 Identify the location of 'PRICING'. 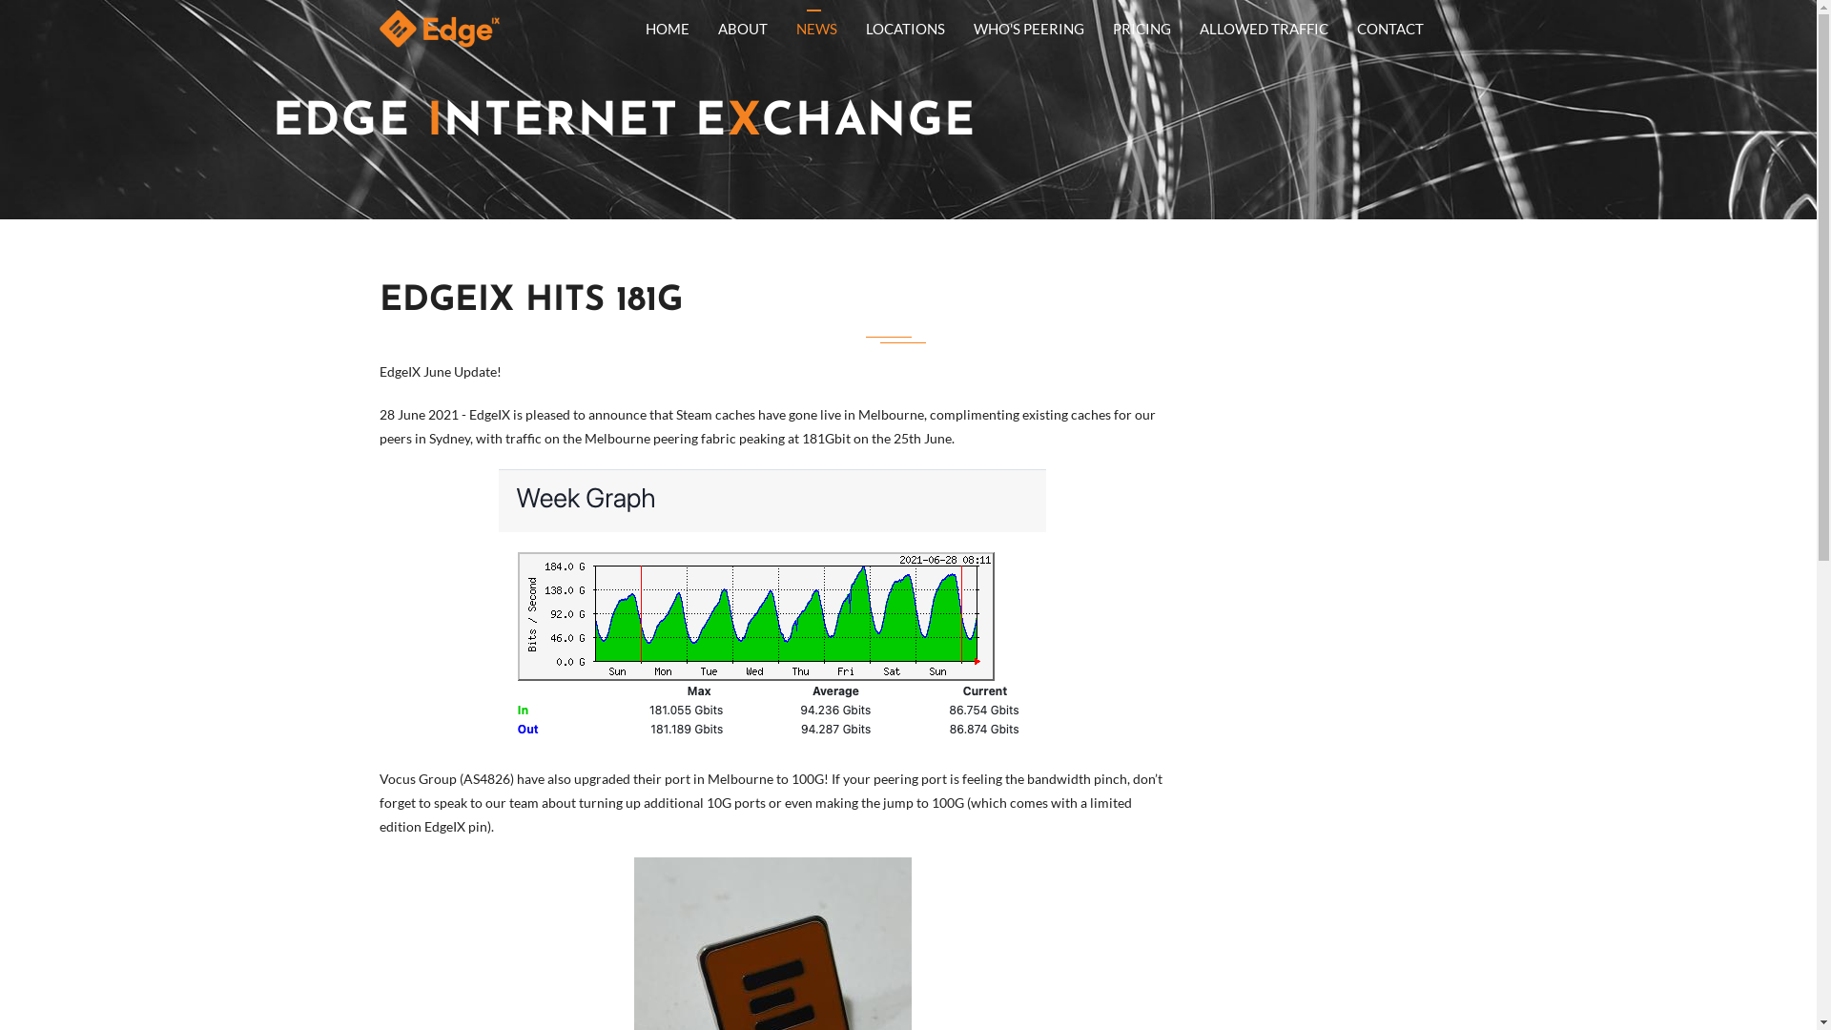
(1142, 29).